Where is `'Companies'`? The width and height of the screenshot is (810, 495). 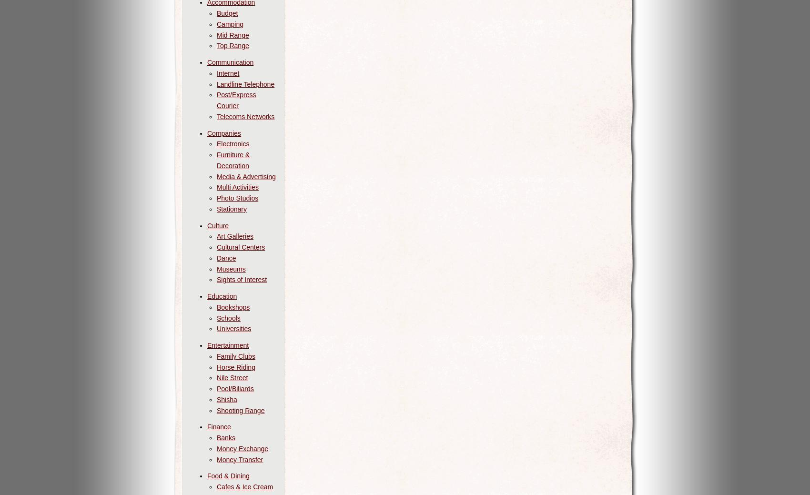
'Companies' is located at coordinates (224, 132).